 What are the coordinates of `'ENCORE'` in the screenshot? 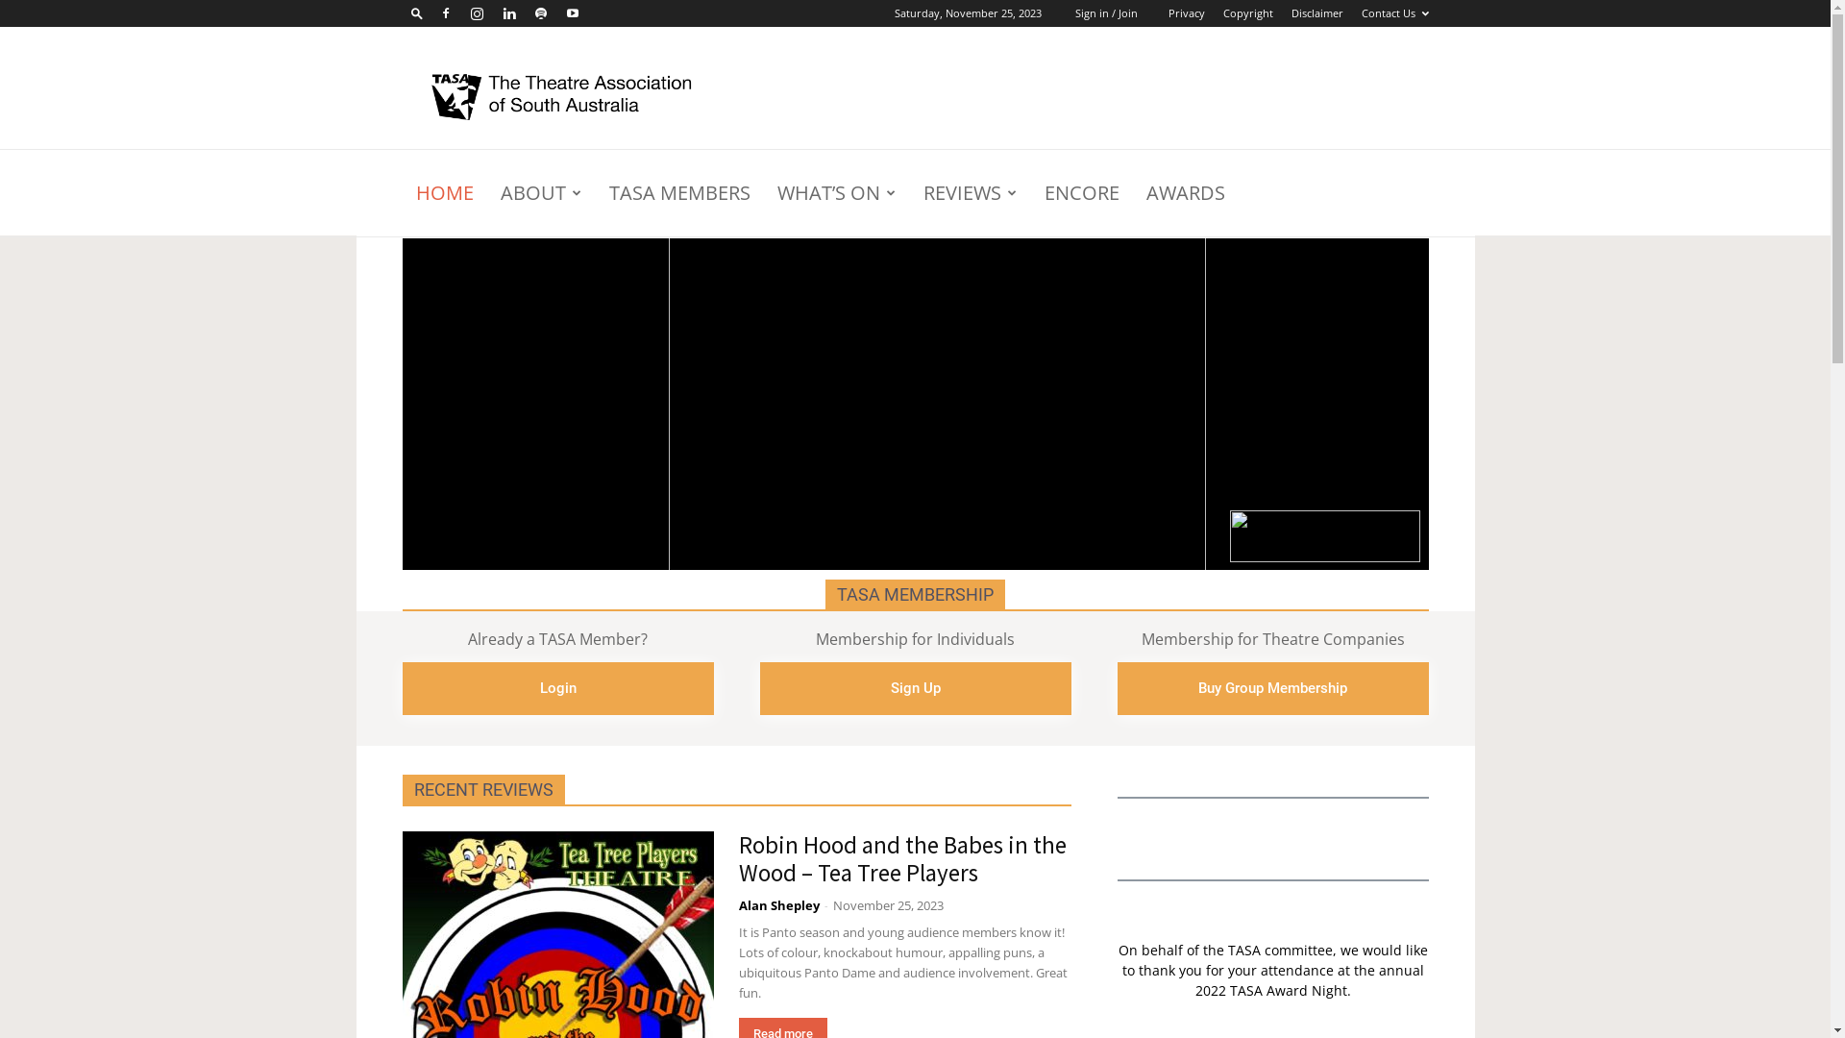 It's located at (1080, 192).